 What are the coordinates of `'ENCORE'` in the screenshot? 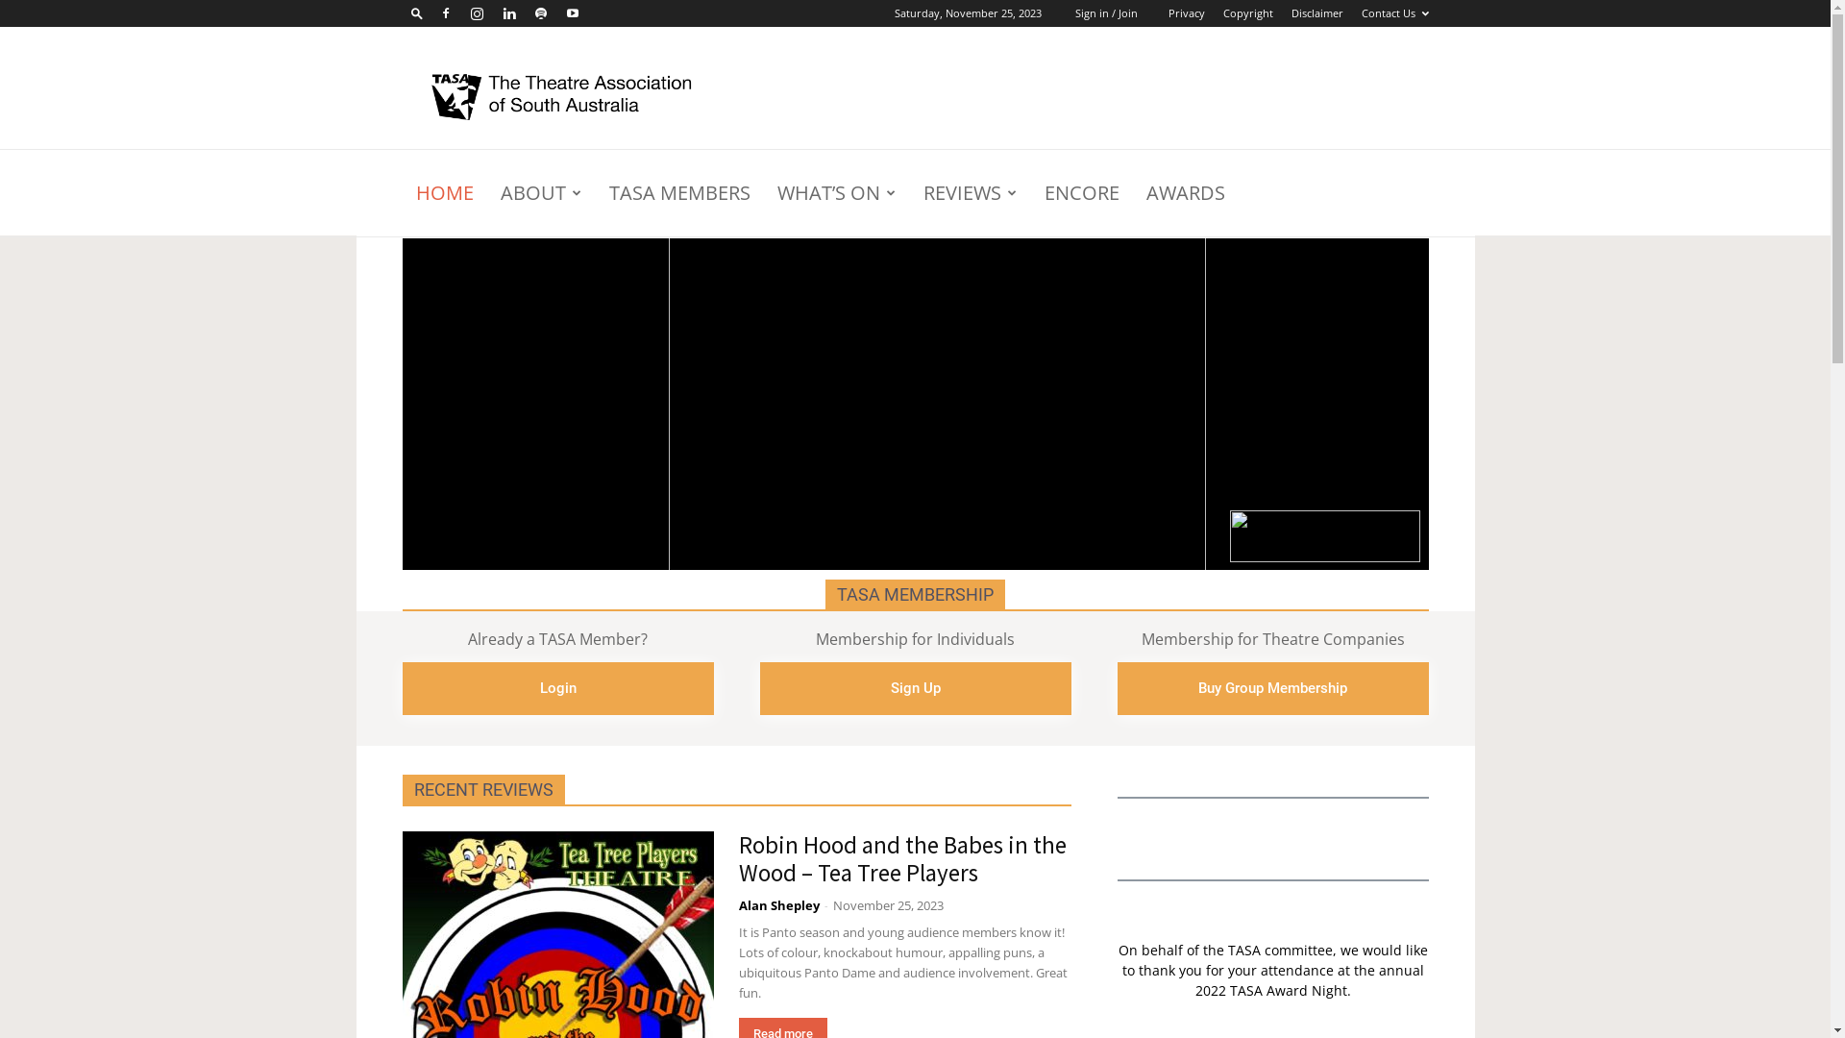 It's located at (1080, 192).